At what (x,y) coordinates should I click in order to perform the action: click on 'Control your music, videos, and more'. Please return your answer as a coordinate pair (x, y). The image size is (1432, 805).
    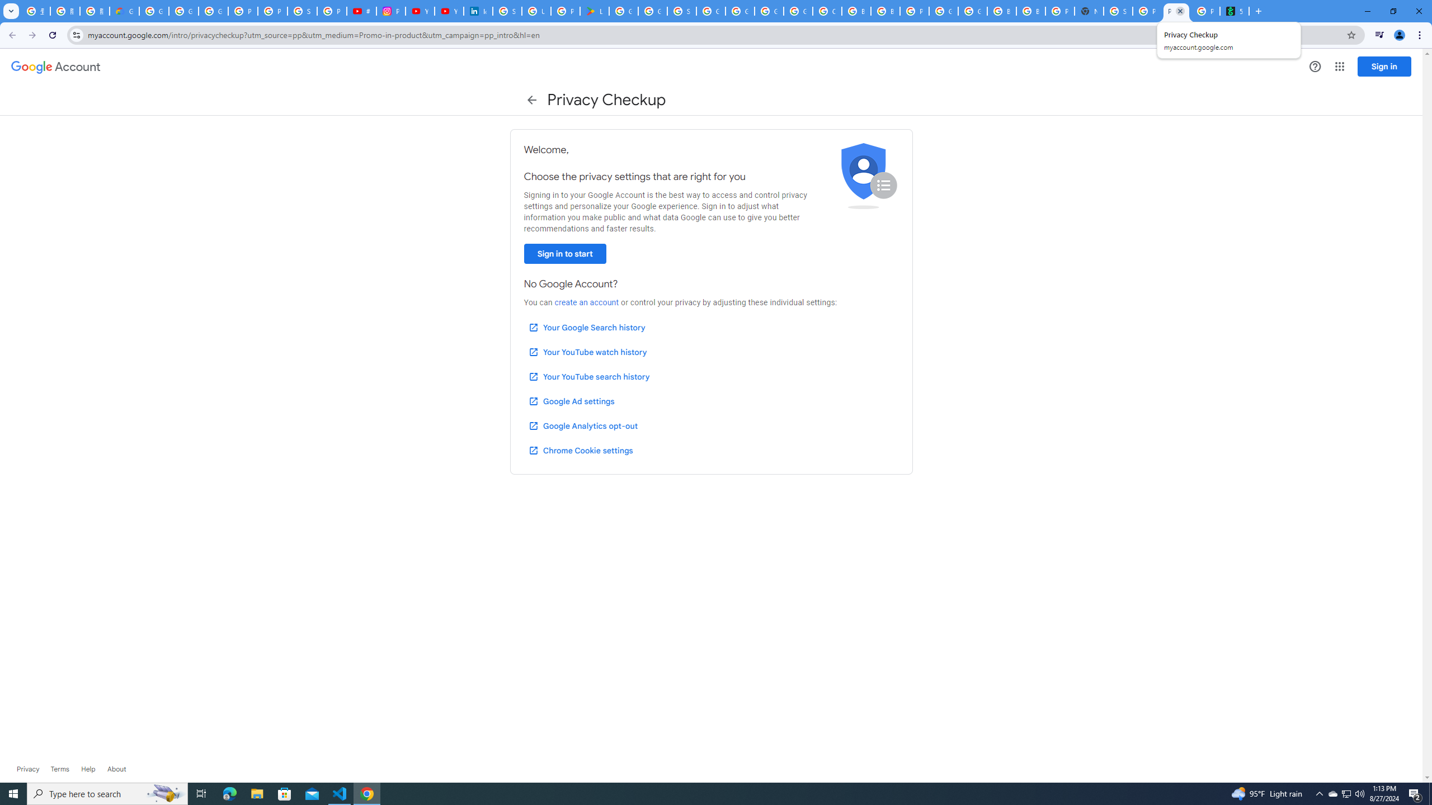
    Looking at the image, I should click on (1379, 35).